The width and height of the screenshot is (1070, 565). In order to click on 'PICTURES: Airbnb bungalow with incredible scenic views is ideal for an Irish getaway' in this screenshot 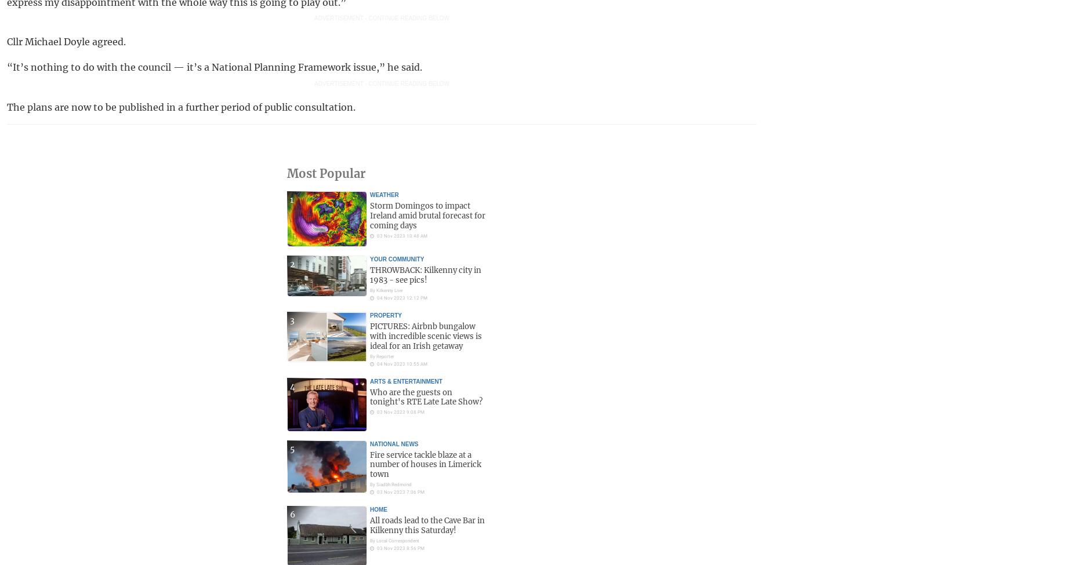, I will do `click(426, 335)`.